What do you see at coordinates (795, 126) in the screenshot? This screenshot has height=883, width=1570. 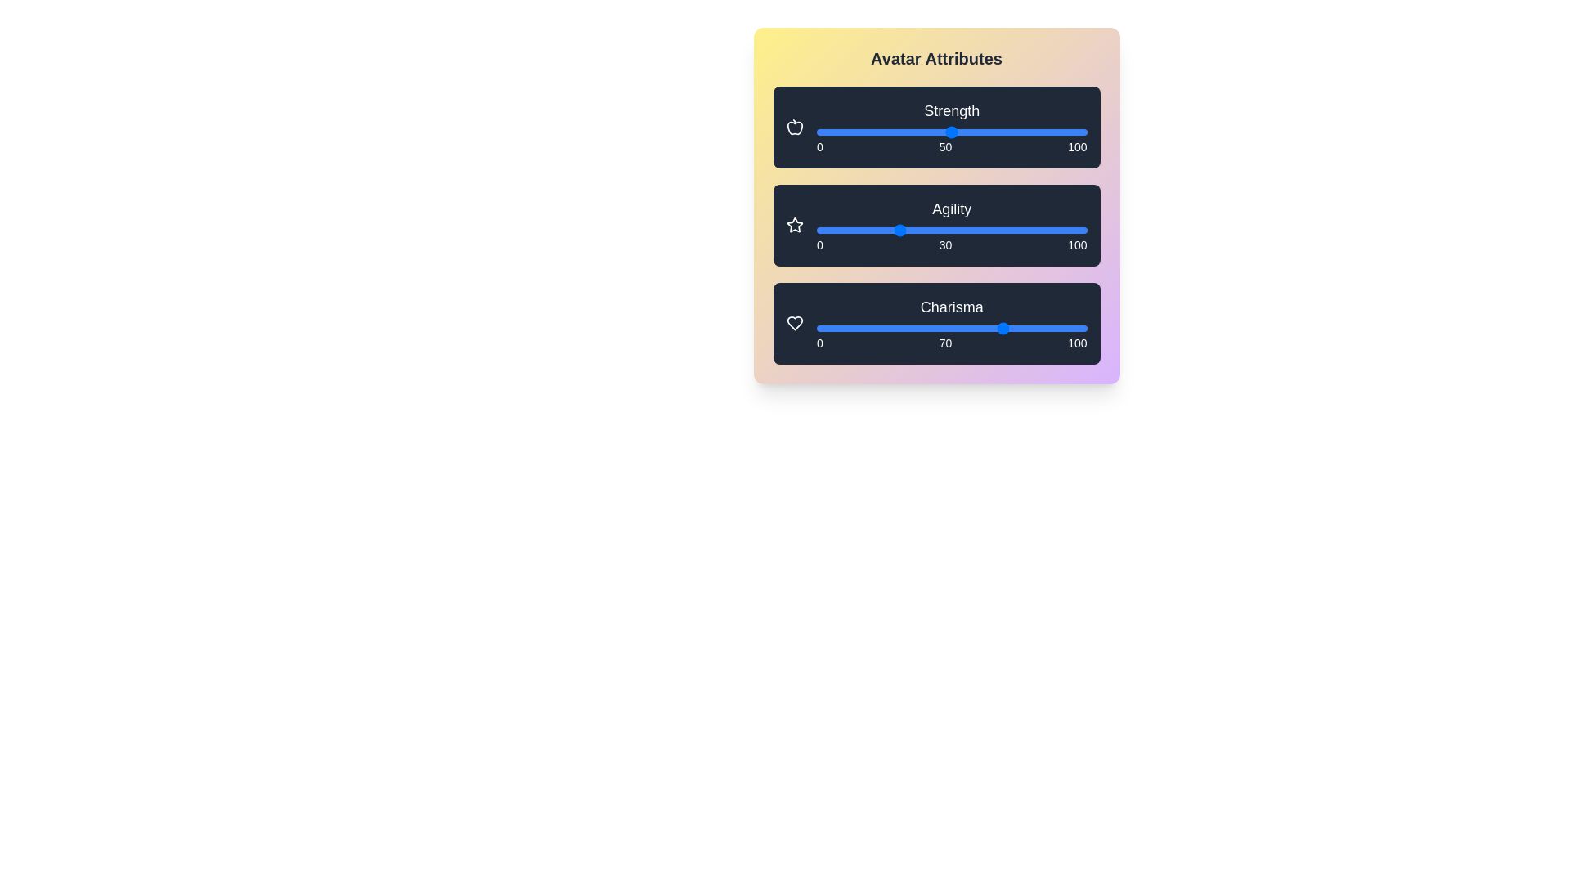 I see `the Apple icon next to the Strength slider` at bounding box center [795, 126].